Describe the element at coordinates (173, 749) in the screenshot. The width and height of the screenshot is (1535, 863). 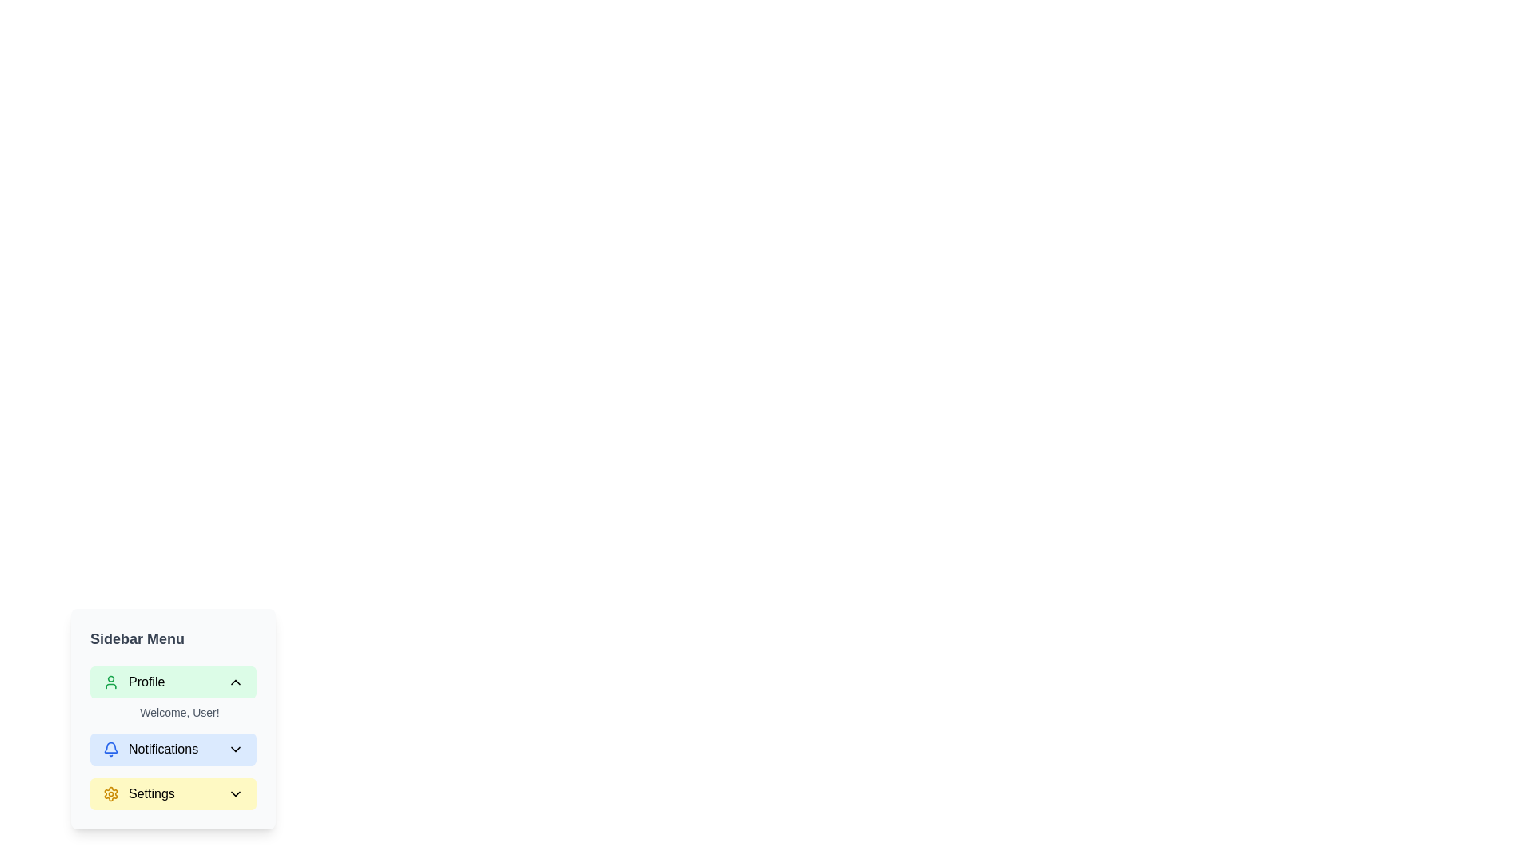
I see `the 'Notifications' navigation button located` at that location.